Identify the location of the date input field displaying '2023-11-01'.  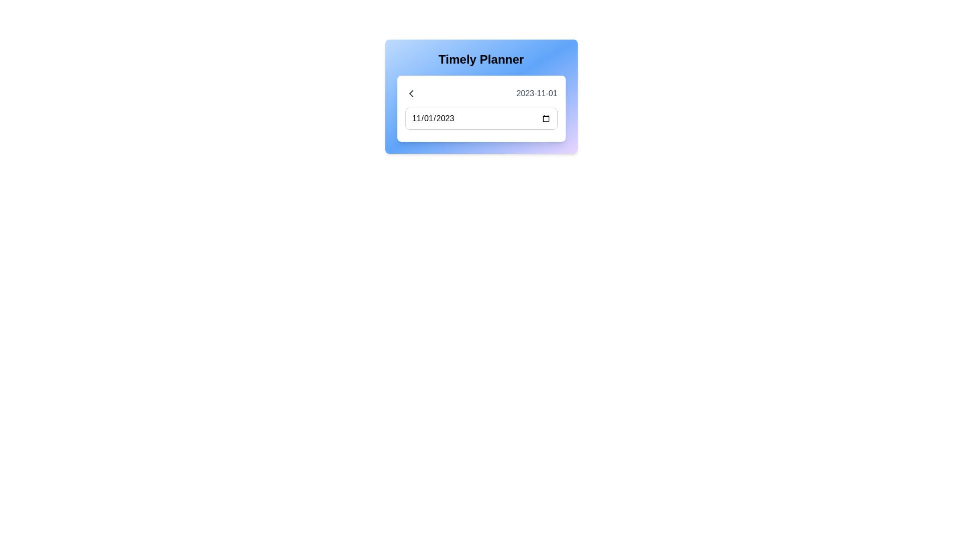
(481, 118).